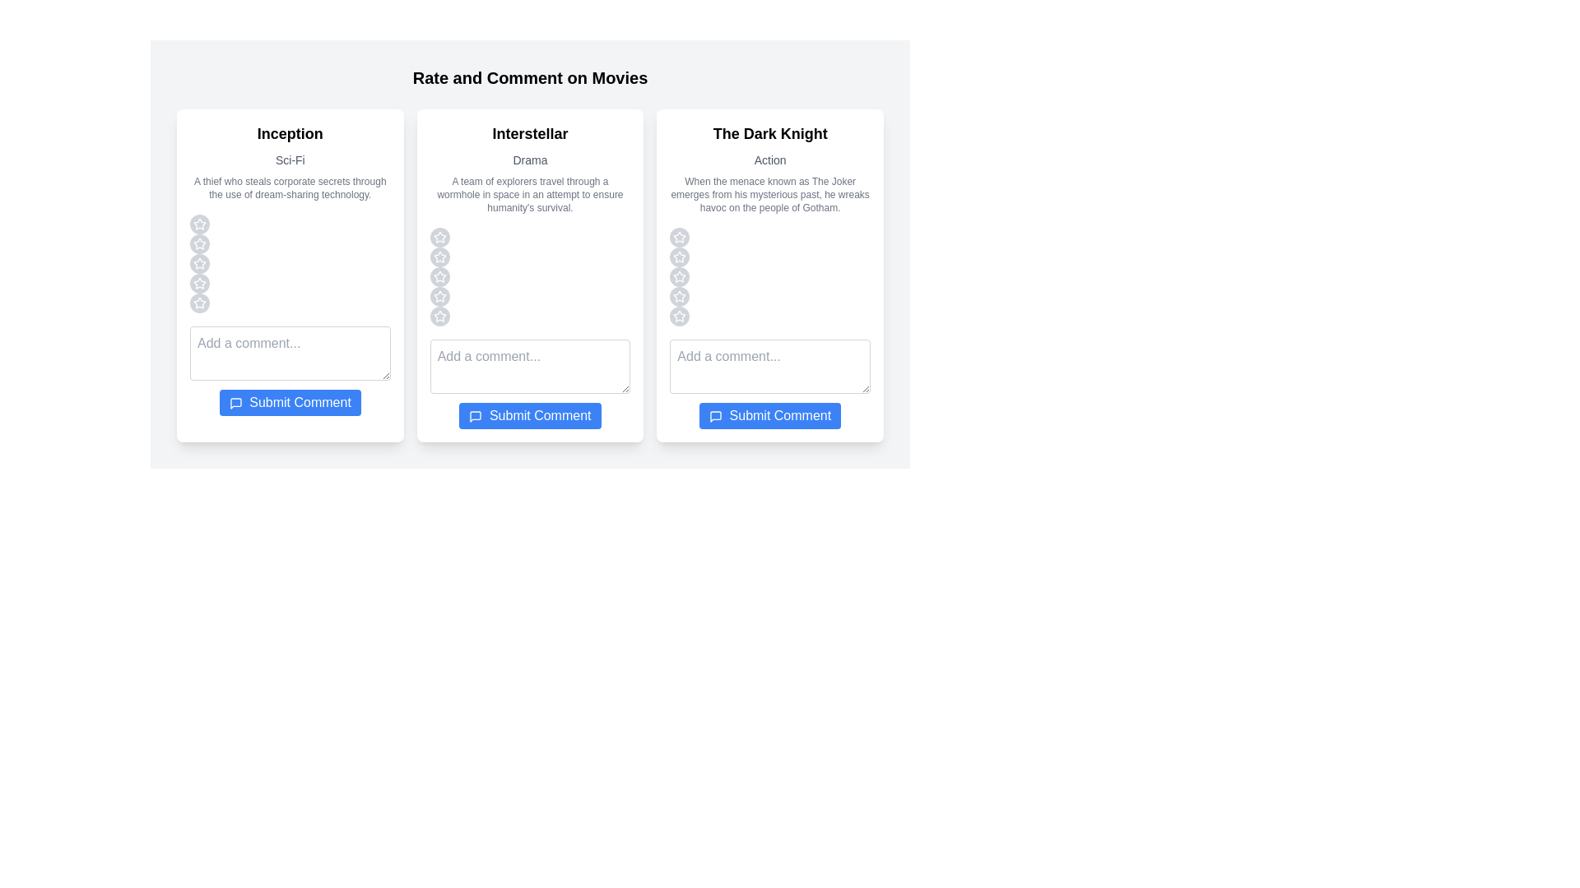 The image size is (1580, 888). What do you see at coordinates (679, 238) in the screenshot?
I see `the star corresponding to the rating 1 for the movie The Dark Knight` at bounding box center [679, 238].